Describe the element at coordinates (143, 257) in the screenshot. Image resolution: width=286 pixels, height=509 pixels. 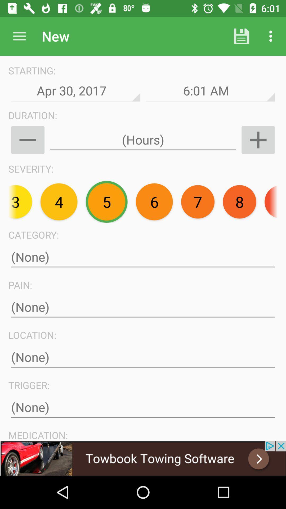
I see `category label` at that location.